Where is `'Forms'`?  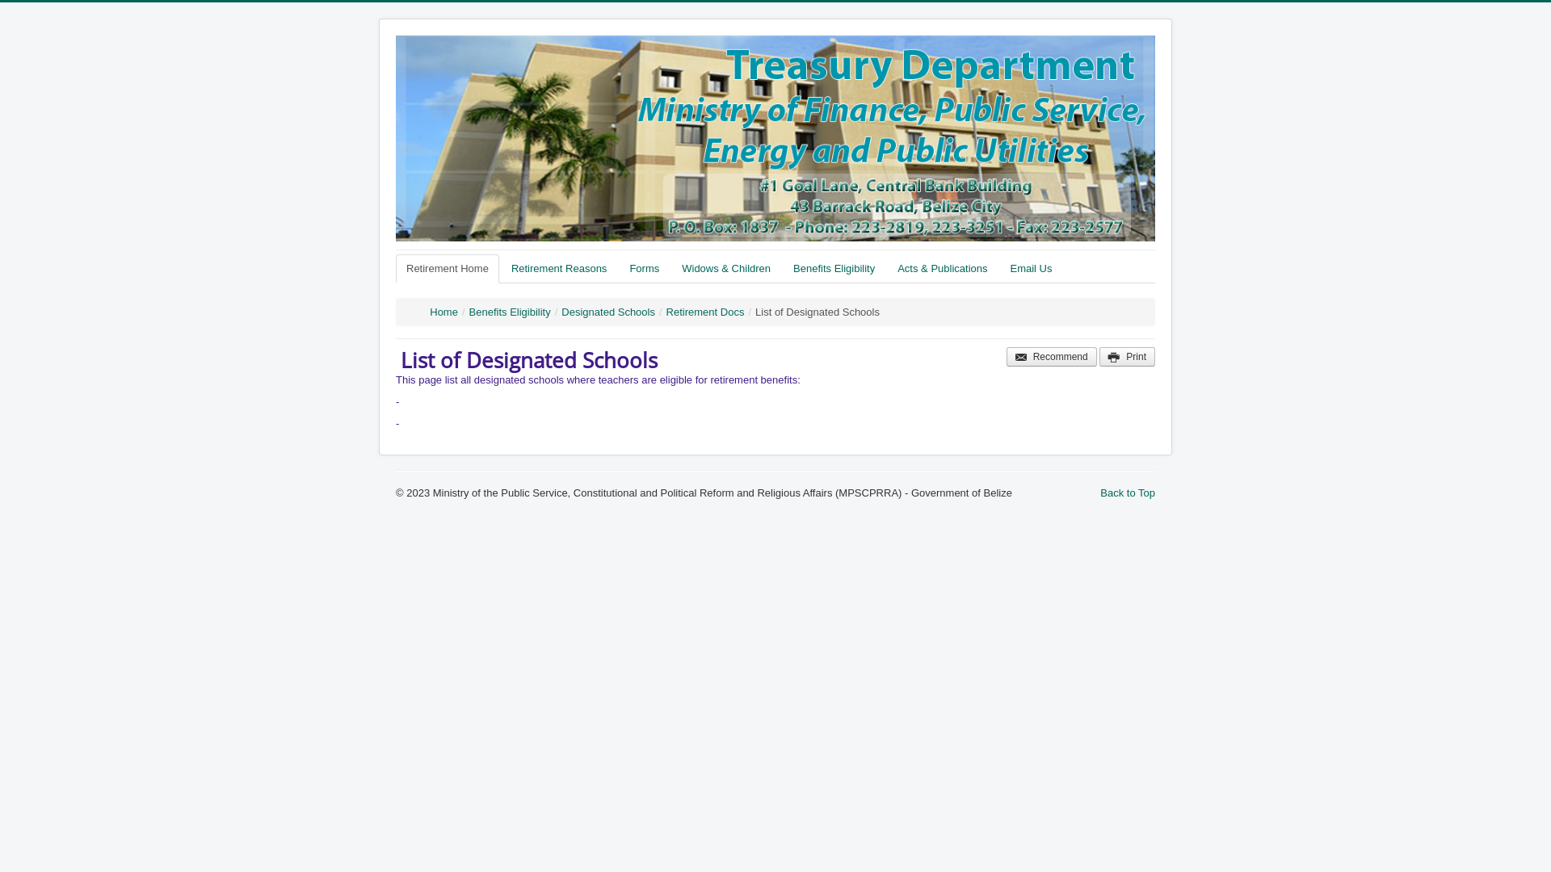 'Forms' is located at coordinates (643, 267).